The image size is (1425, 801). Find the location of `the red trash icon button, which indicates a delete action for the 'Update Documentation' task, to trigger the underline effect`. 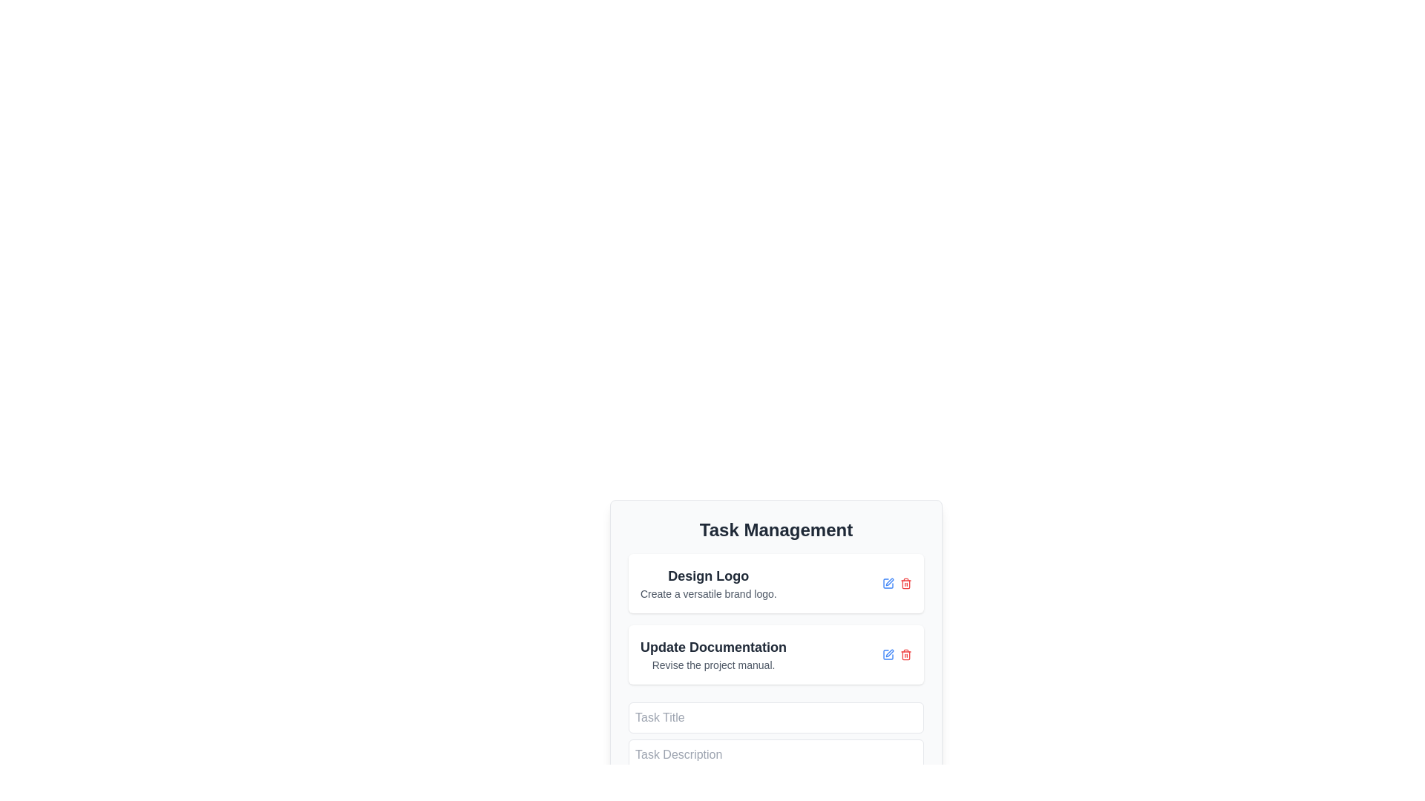

the red trash icon button, which indicates a delete action for the 'Update Documentation' task, to trigger the underline effect is located at coordinates (905, 654).